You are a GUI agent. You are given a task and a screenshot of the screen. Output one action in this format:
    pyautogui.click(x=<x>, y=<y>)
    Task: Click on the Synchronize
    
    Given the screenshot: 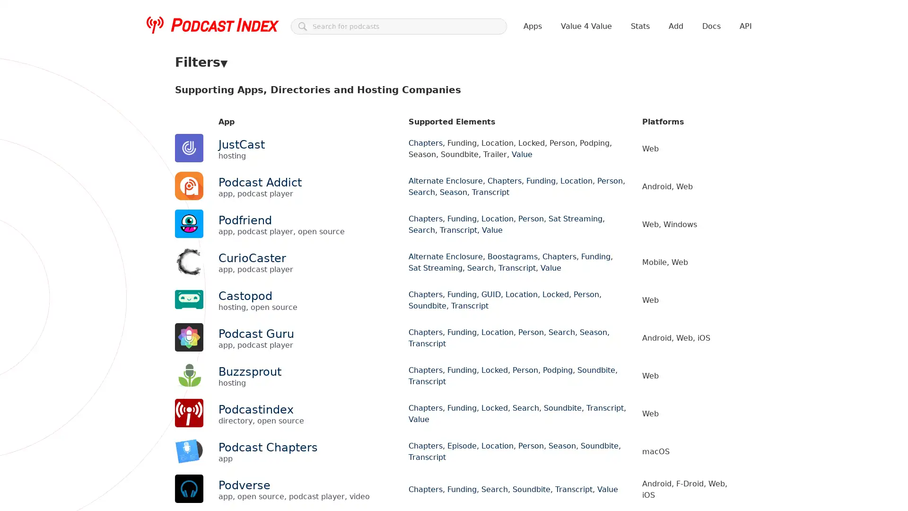 What is the action you would take?
    pyautogui.click(x=354, y=161)
    